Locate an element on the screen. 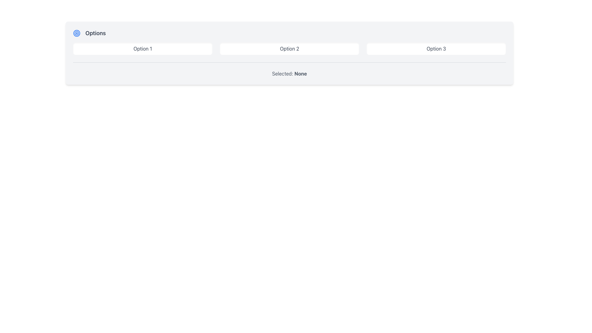 The width and height of the screenshot is (592, 333). the 'Option 3' button is located at coordinates (436, 48).